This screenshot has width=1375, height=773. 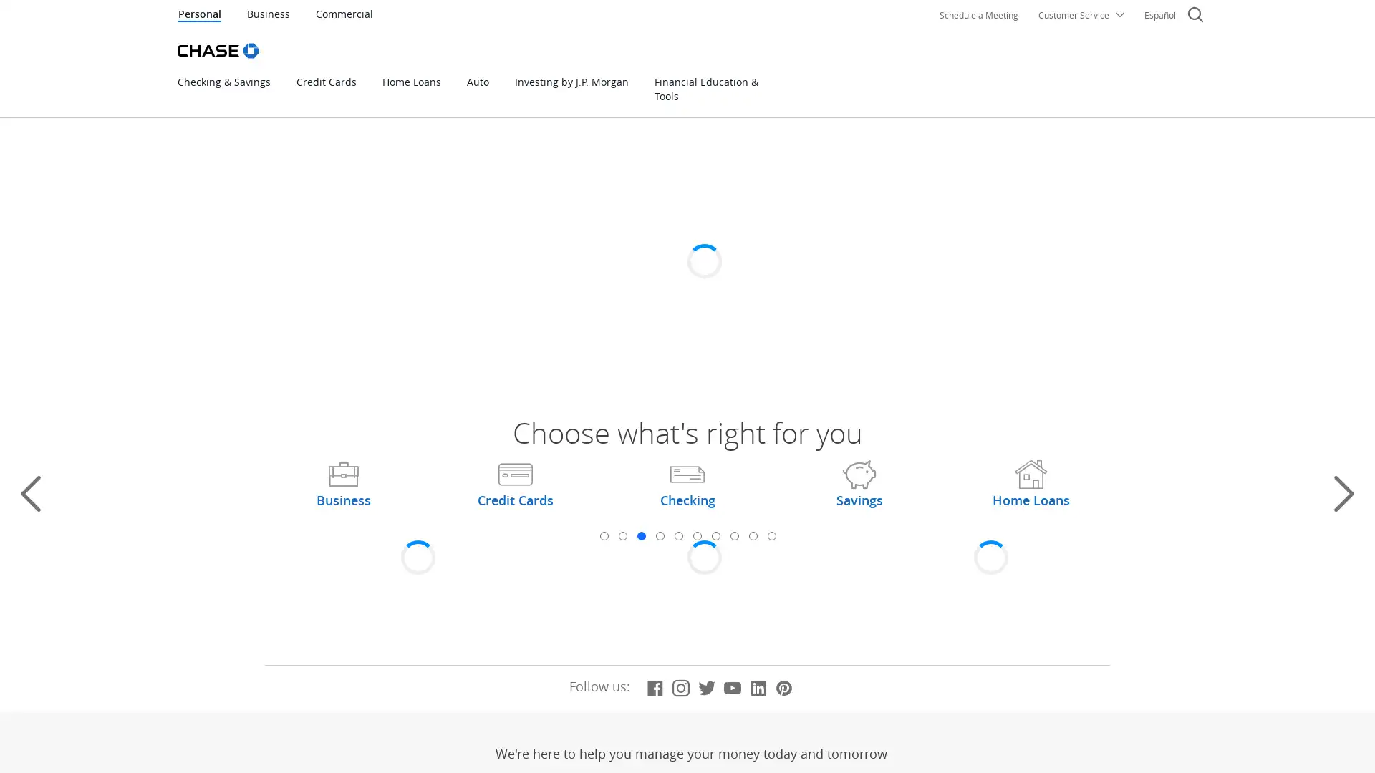 What do you see at coordinates (770, 535) in the screenshot?
I see `Slide 10 of 10` at bounding box center [770, 535].